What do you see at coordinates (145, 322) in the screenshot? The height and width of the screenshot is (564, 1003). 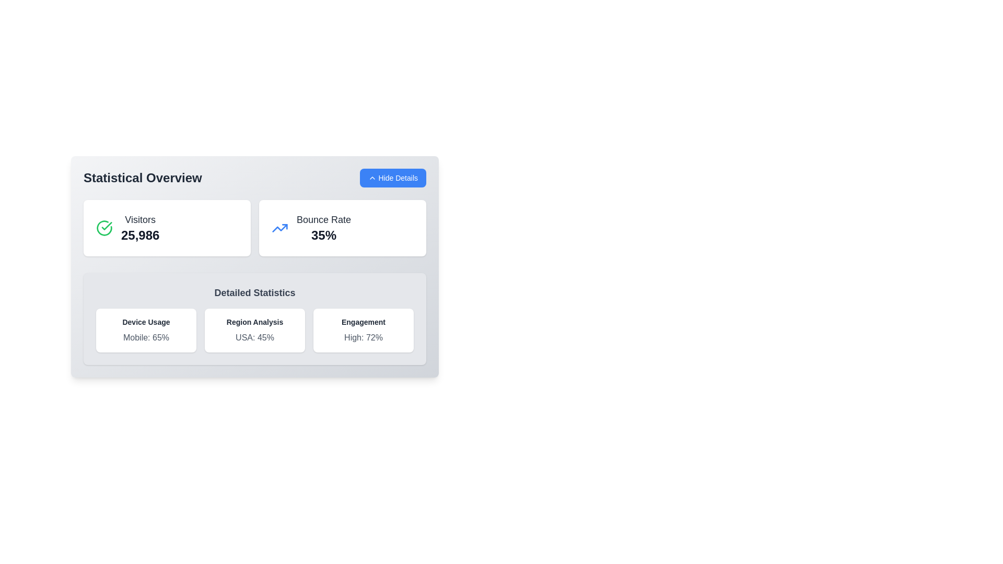 I see `the Text label heading located at the top of the 'Detailed Statistics' card, which introduces the topic of device usage data` at bounding box center [145, 322].